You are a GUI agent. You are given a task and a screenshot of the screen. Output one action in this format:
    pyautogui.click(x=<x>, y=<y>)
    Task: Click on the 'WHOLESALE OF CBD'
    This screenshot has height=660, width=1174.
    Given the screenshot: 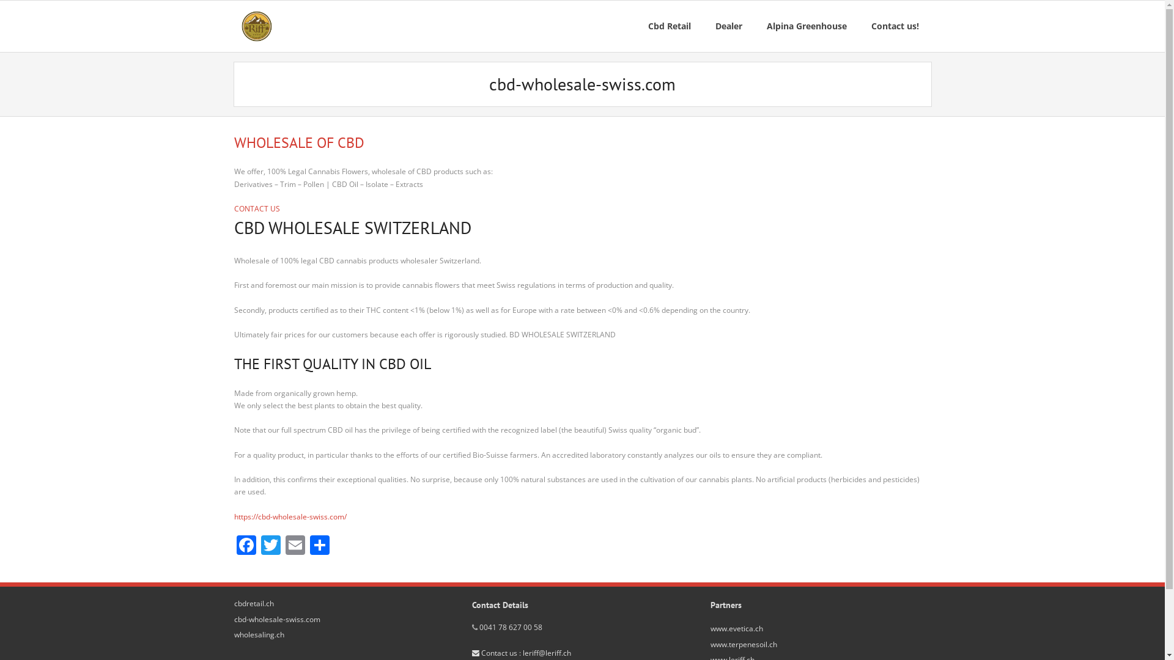 What is the action you would take?
    pyautogui.click(x=234, y=142)
    